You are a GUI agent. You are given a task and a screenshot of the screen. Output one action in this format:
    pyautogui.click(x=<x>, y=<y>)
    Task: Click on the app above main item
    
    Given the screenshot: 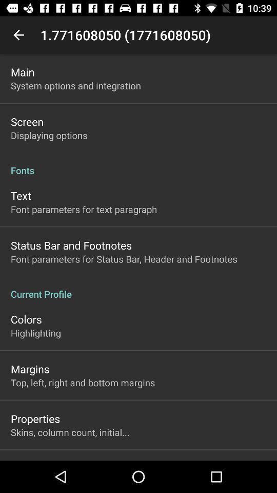 What is the action you would take?
    pyautogui.click(x=18, y=35)
    